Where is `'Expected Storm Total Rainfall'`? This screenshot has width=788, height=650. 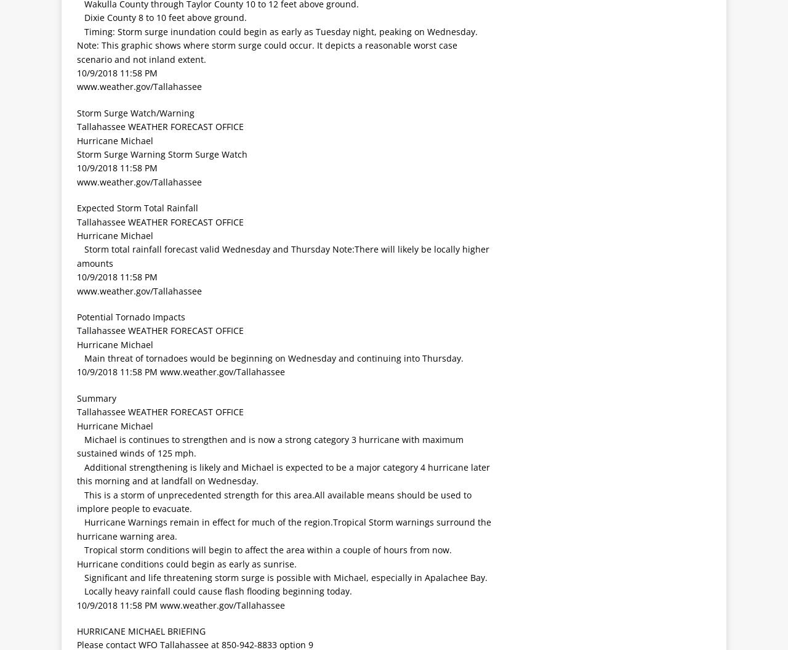
'Expected Storm Total Rainfall' is located at coordinates (137, 207).